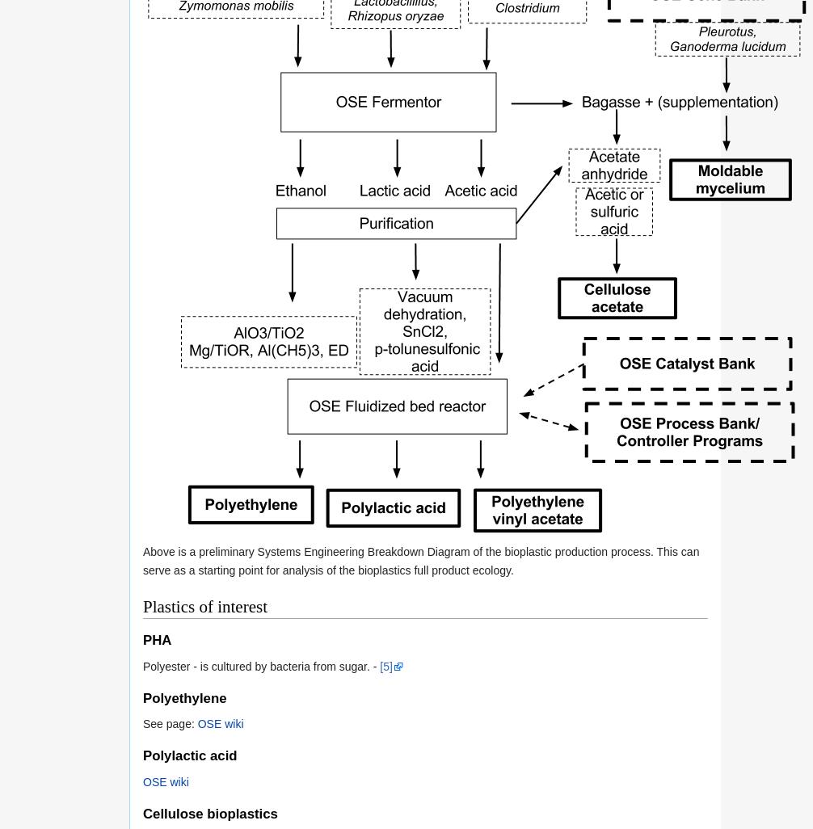  Describe the element at coordinates (170, 723) in the screenshot. I see `'See page:'` at that location.